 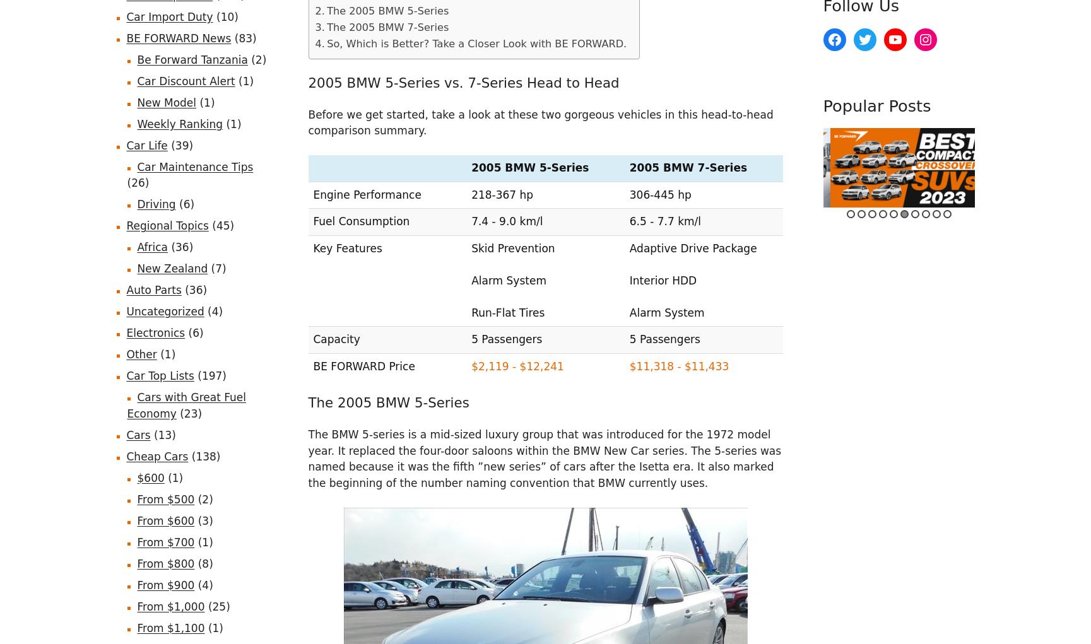 What do you see at coordinates (160, 375) in the screenshot?
I see `'Car Top Lists'` at bounding box center [160, 375].